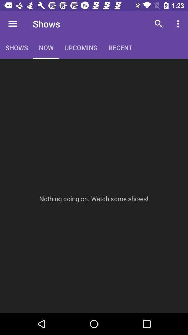 Image resolution: width=188 pixels, height=335 pixels. What do you see at coordinates (158, 24) in the screenshot?
I see `icon next to the recent item` at bounding box center [158, 24].